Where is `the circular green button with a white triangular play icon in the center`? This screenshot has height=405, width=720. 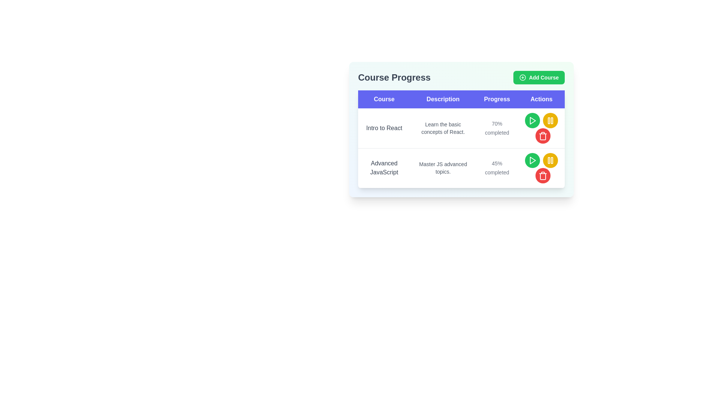
the circular green button with a white triangular play icon in the center is located at coordinates (532, 120).